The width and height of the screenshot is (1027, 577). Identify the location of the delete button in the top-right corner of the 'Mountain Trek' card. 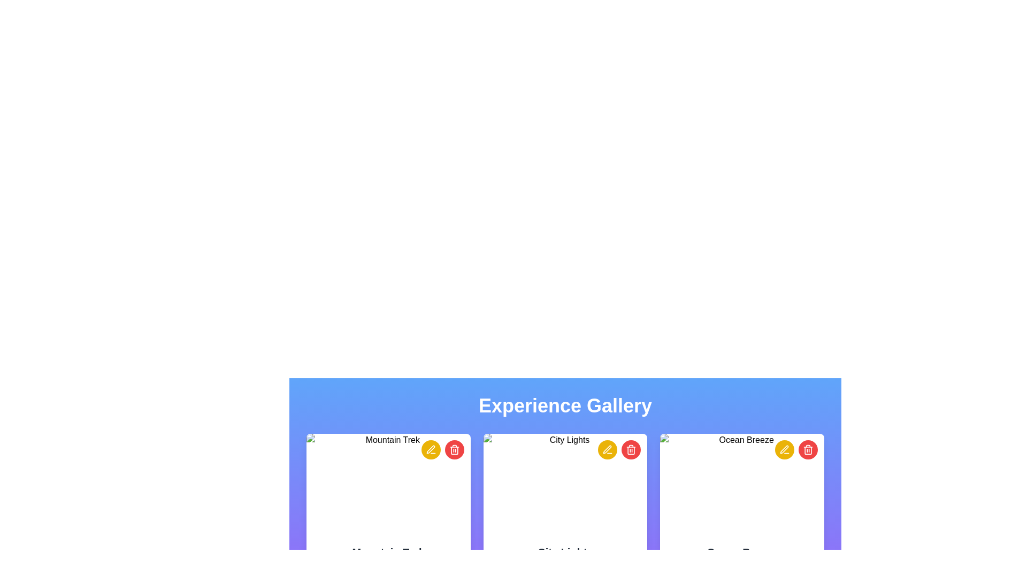
(454, 449).